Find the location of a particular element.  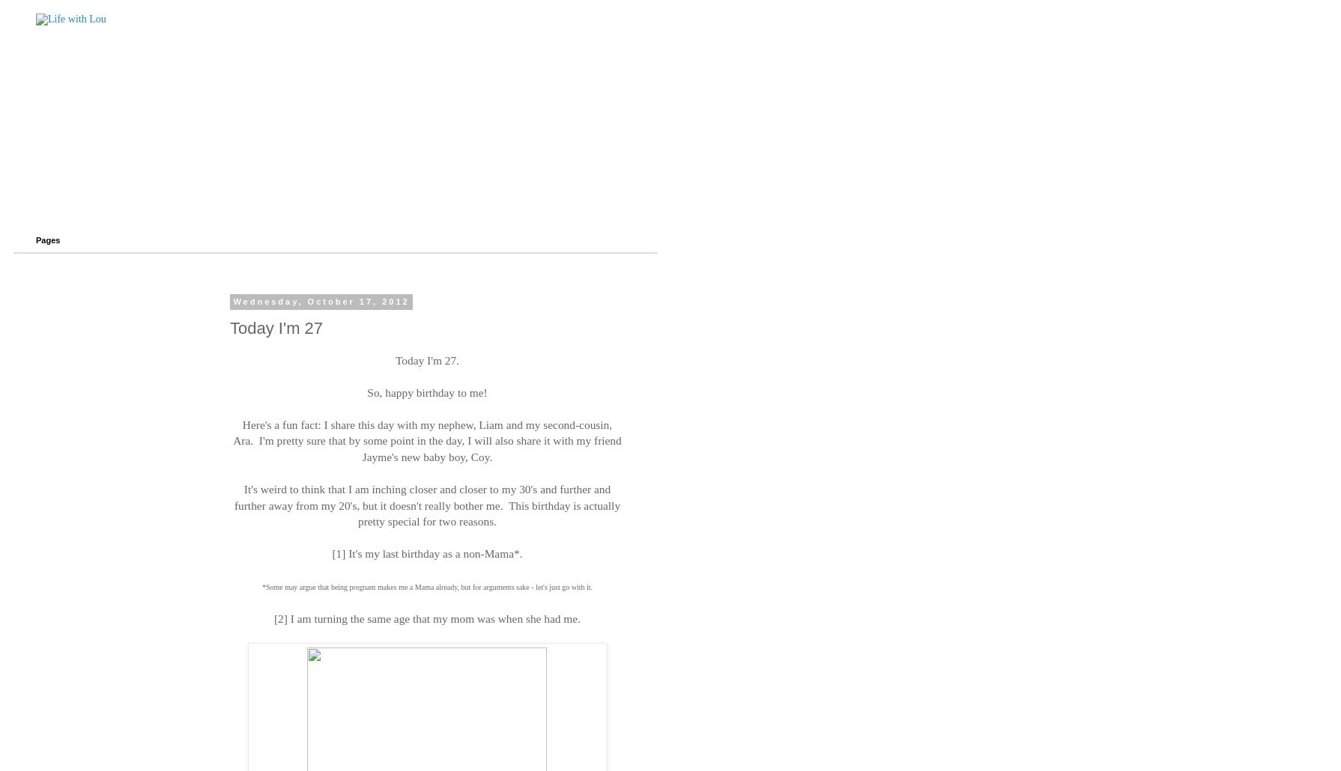

'*Some may argue that being pregnant makes me a Mama already, but for arguments sake - let's just go with it.' is located at coordinates (426, 586).